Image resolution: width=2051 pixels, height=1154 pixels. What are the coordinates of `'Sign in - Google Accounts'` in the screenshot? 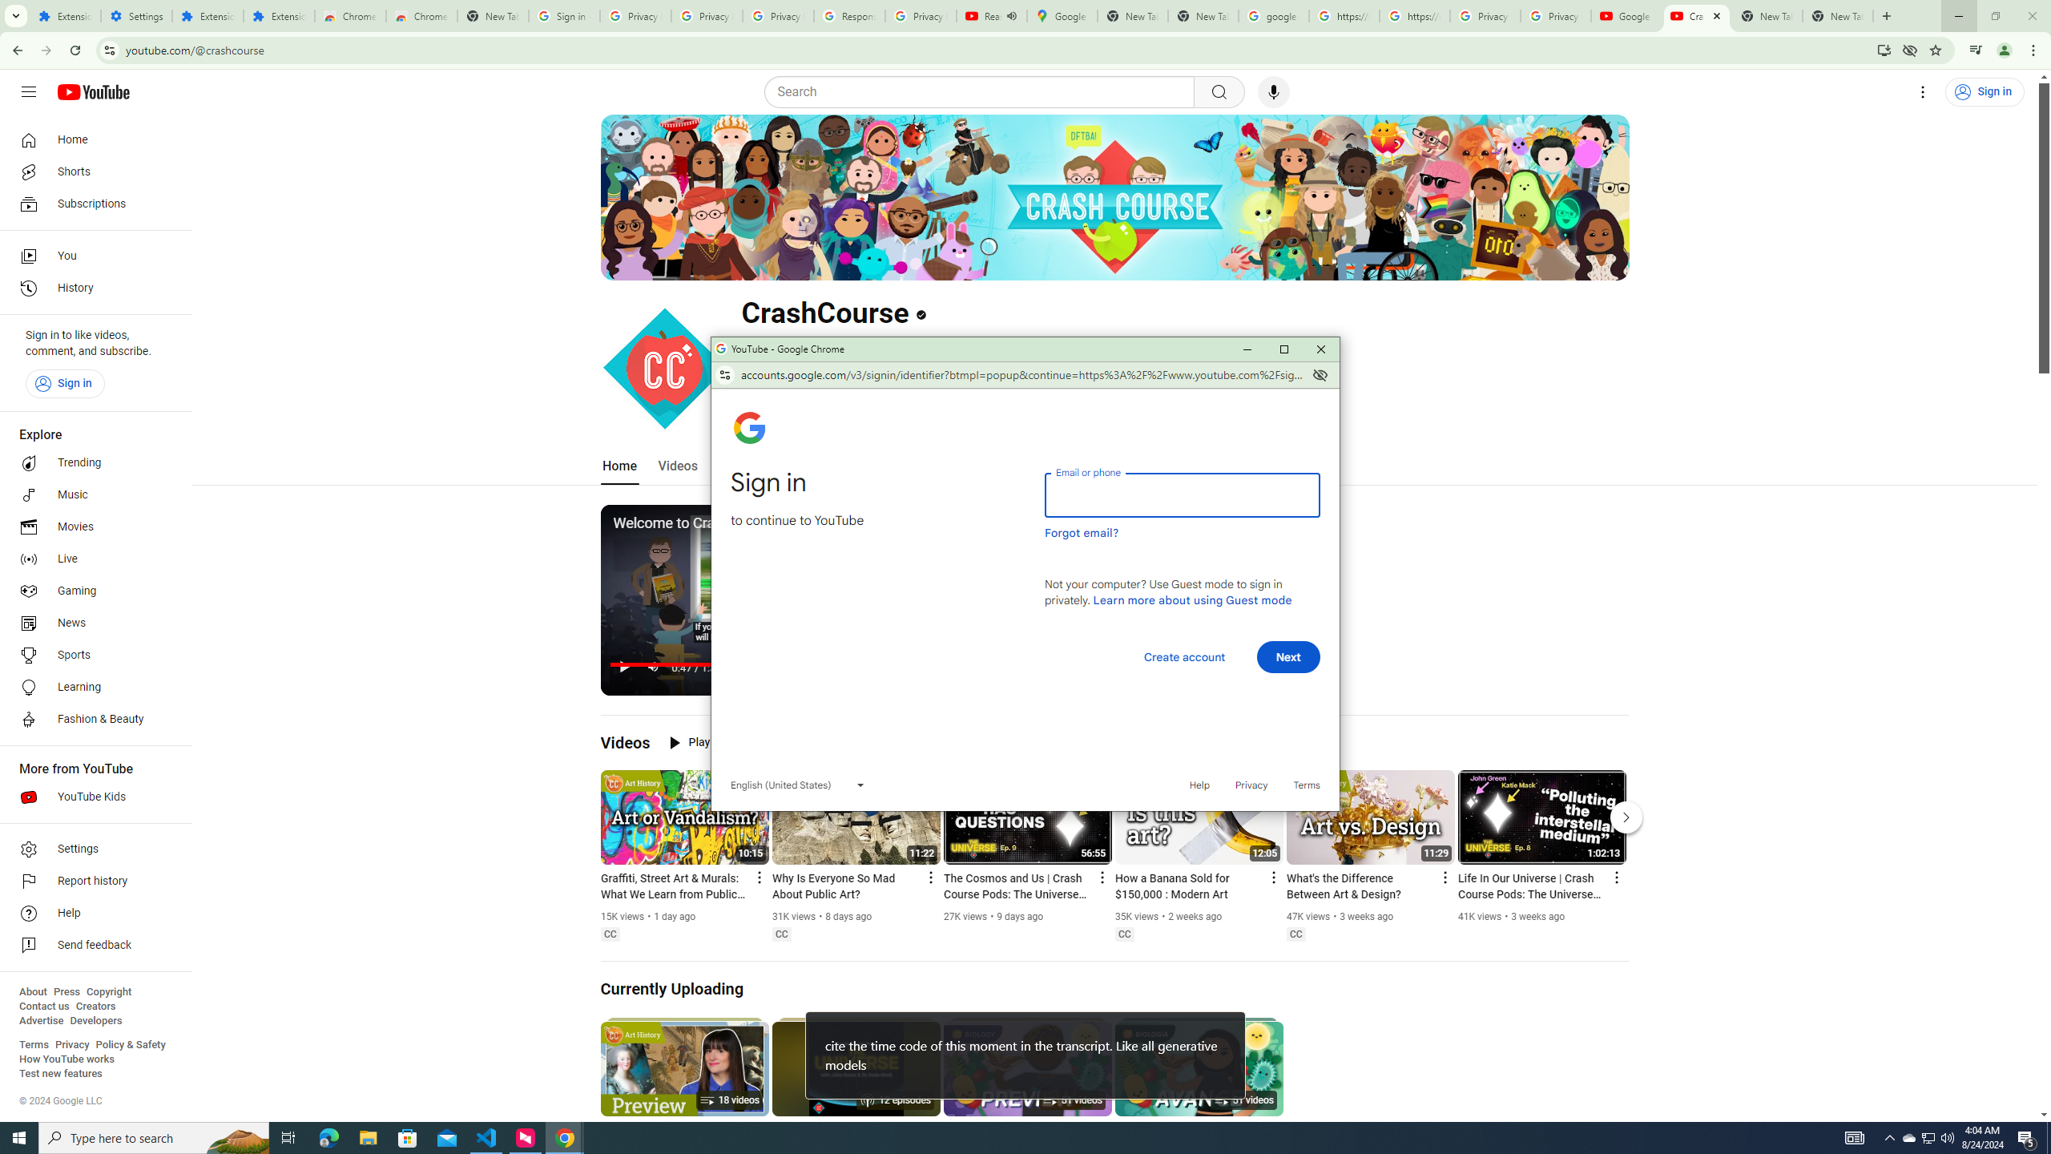 It's located at (564, 15).